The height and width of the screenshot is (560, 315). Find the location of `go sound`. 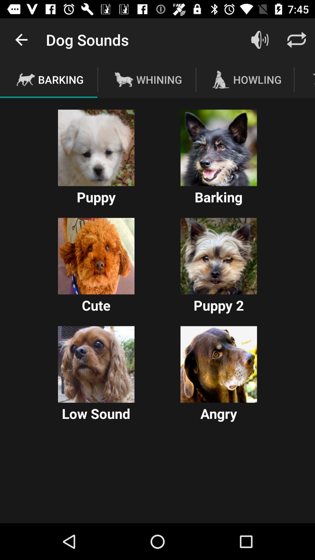

go sound is located at coordinates (260, 39).